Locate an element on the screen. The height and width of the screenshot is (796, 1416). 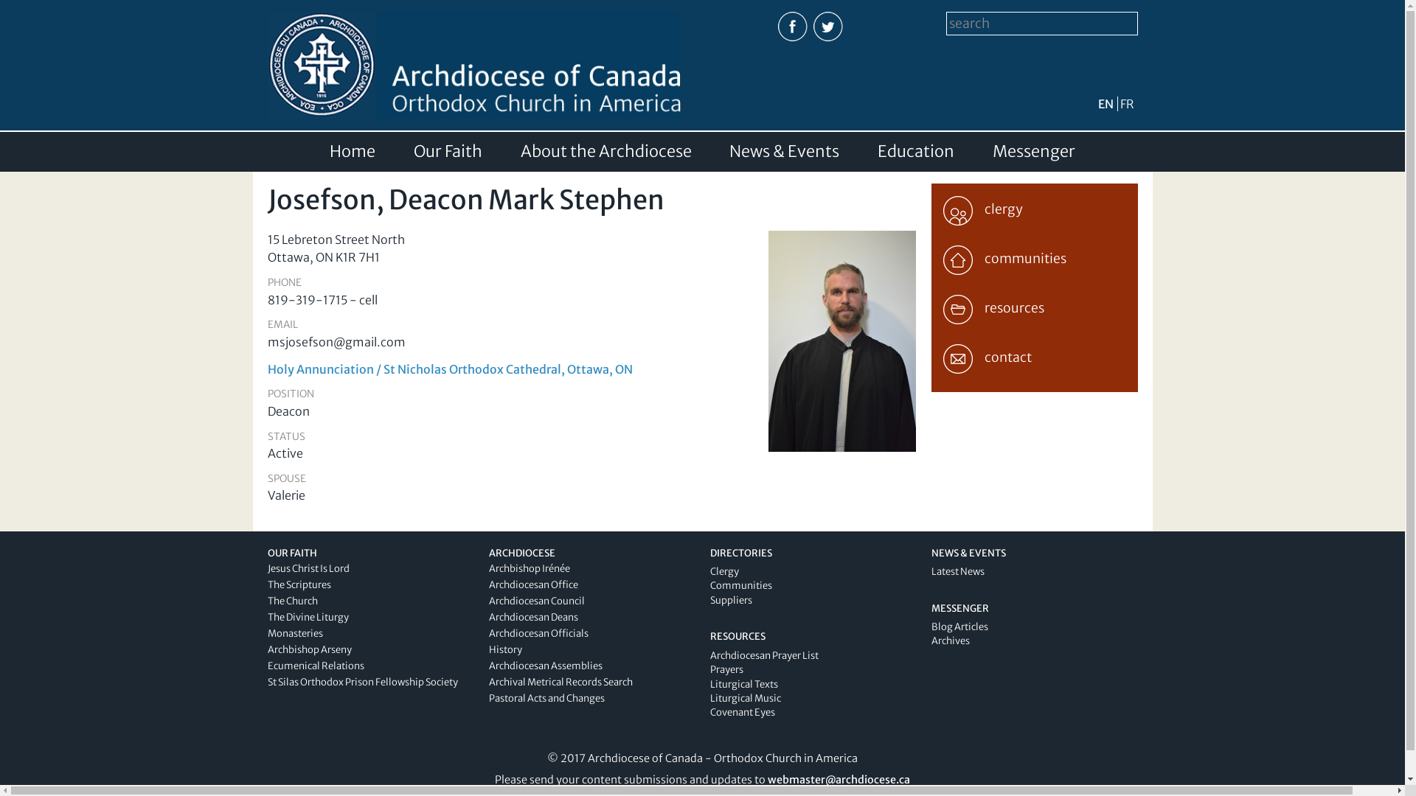
'History' is located at coordinates (504, 649).